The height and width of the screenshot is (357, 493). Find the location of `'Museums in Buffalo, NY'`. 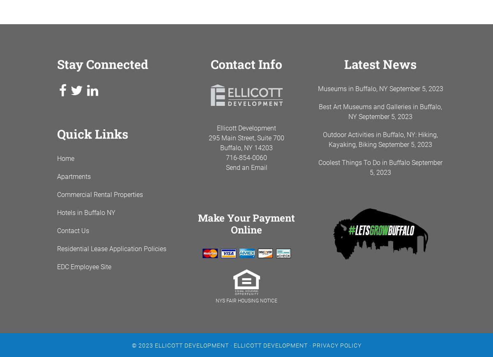

'Museums in Buffalo, NY' is located at coordinates (317, 88).